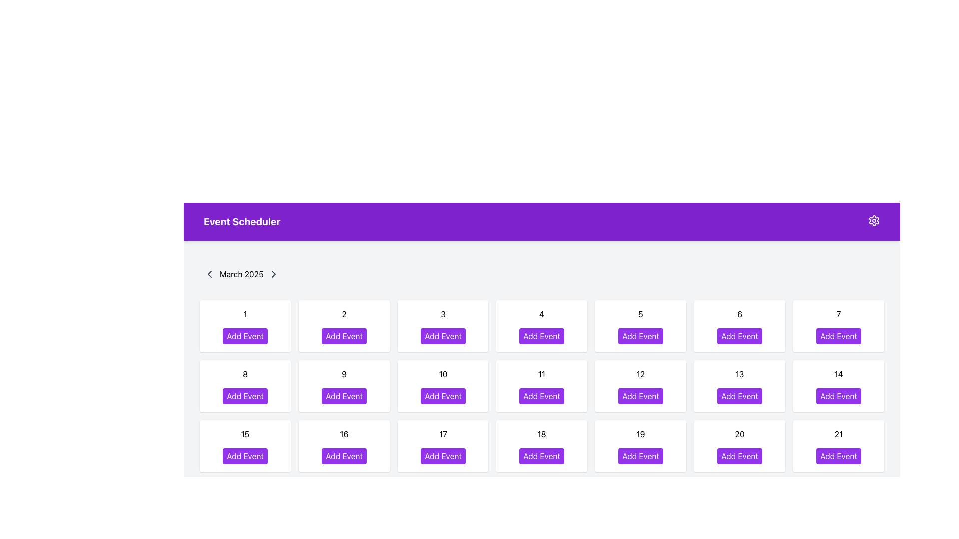 This screenshot has width=959, height=539. Describe the element at coordinates (839, 456) in the screenshot. I see `the button used to add an event for the date '21'` at that location.